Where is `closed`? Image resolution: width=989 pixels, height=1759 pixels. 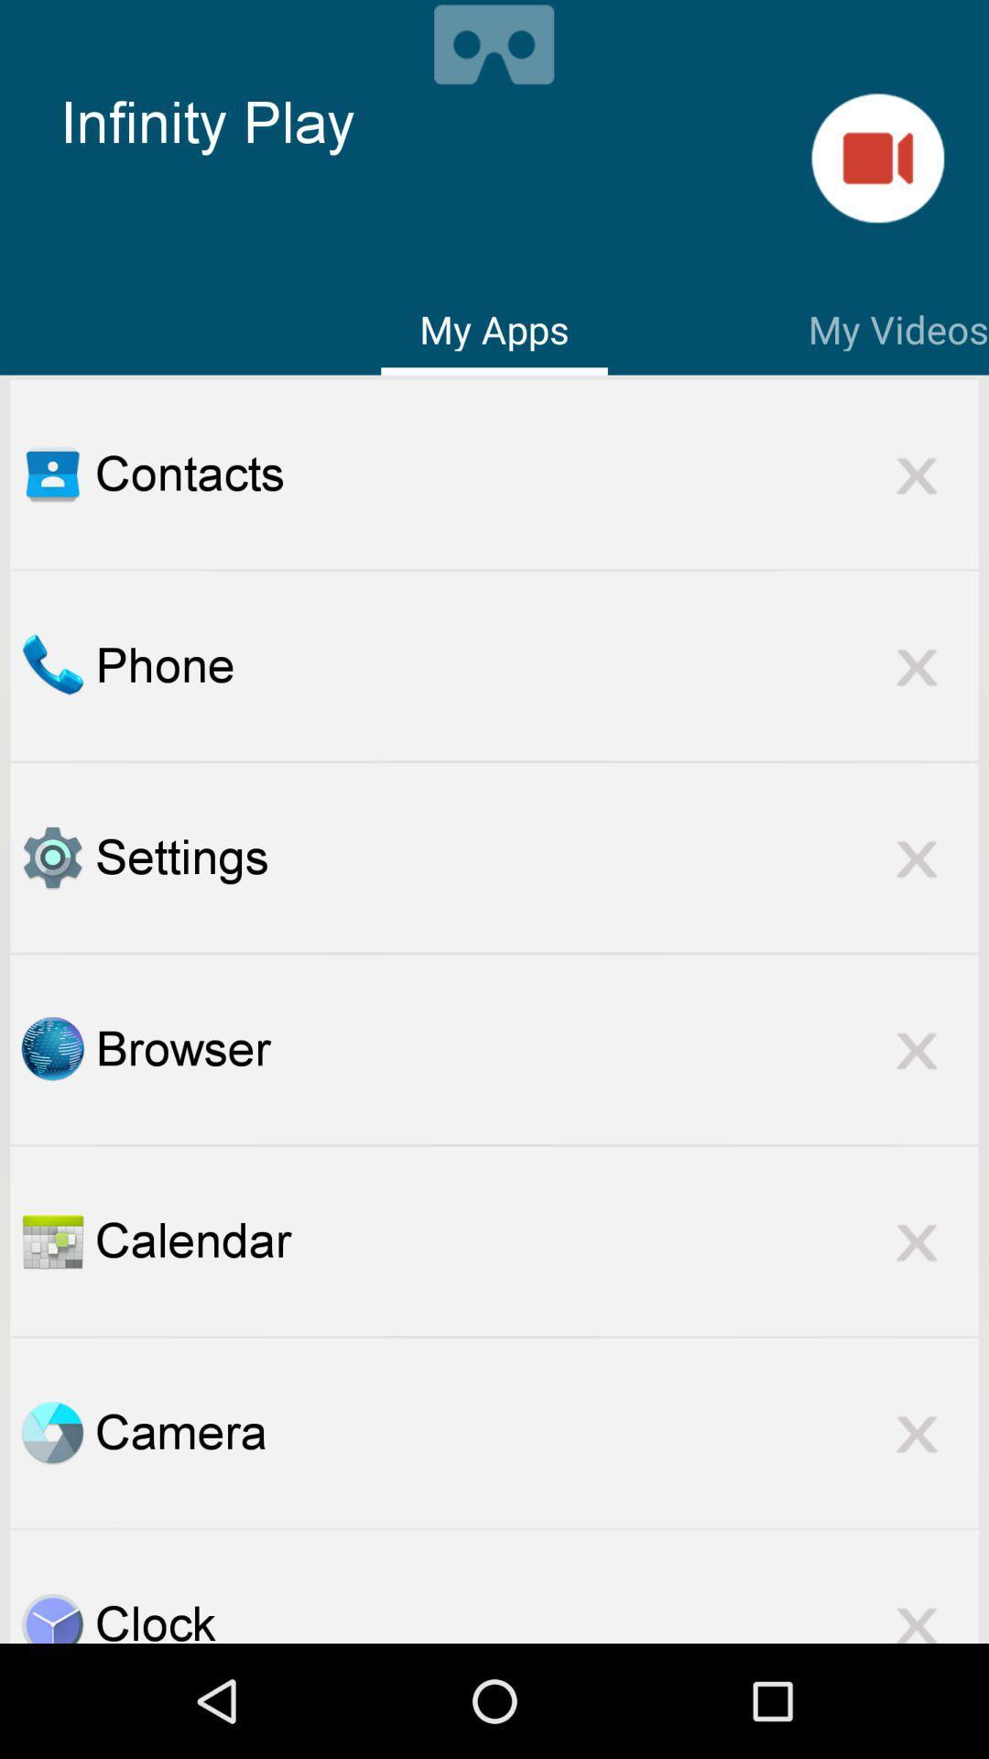
closed is located at coordinates (917, 1049).